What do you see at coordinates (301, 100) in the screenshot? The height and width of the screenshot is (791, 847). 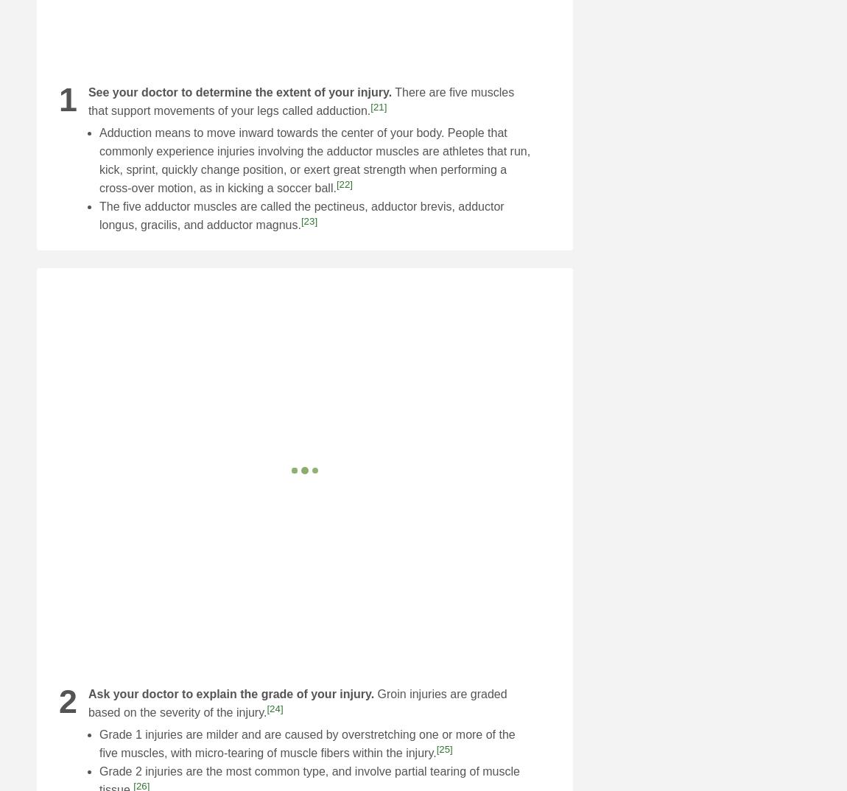 I see `'There are five muscles that support movements of your legs called adduction.'` at bounding box center [301, 100].